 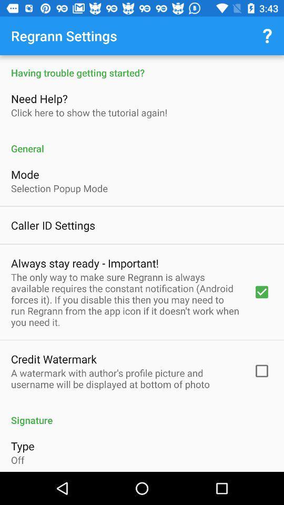 What do you see at coordinates (125, 299) in the screenshot?
I see `the the only way` at bounding box center [125, 299].